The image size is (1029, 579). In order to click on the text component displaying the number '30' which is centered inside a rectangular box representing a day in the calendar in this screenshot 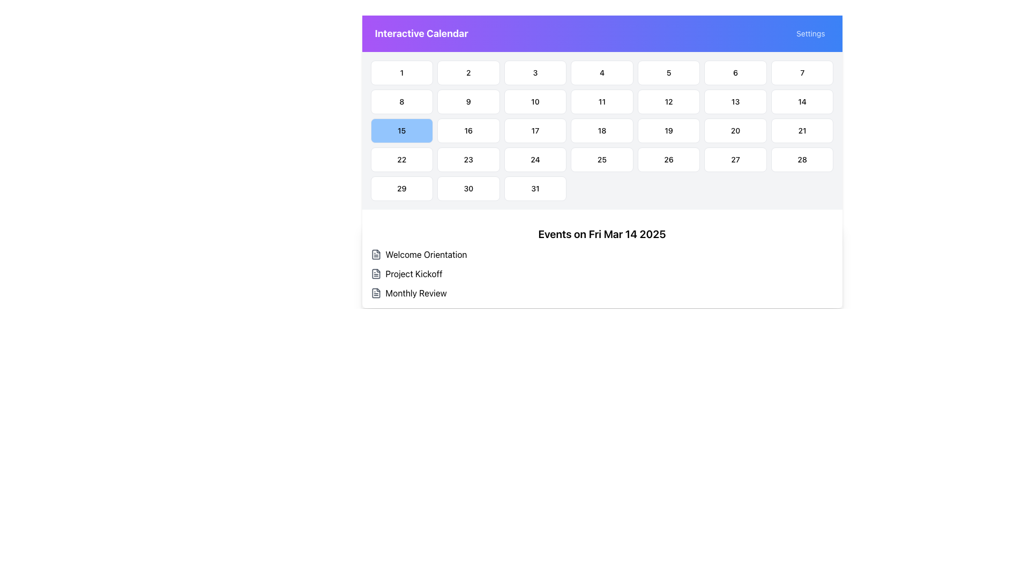, I will do `click(468, 188)`.